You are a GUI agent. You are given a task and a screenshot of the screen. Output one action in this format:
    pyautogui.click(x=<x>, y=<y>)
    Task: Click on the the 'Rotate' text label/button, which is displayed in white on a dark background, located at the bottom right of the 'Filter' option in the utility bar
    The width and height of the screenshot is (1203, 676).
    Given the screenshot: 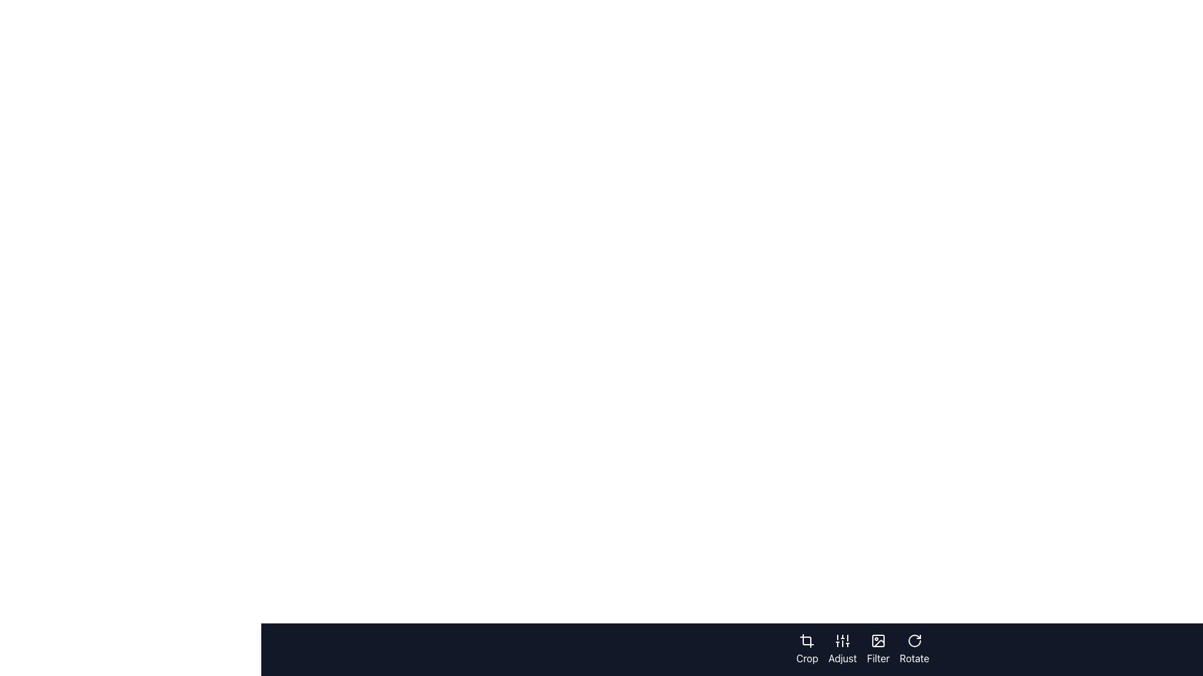 What is the action you would take?
    pyautogui.click(x=914, y=658)
    